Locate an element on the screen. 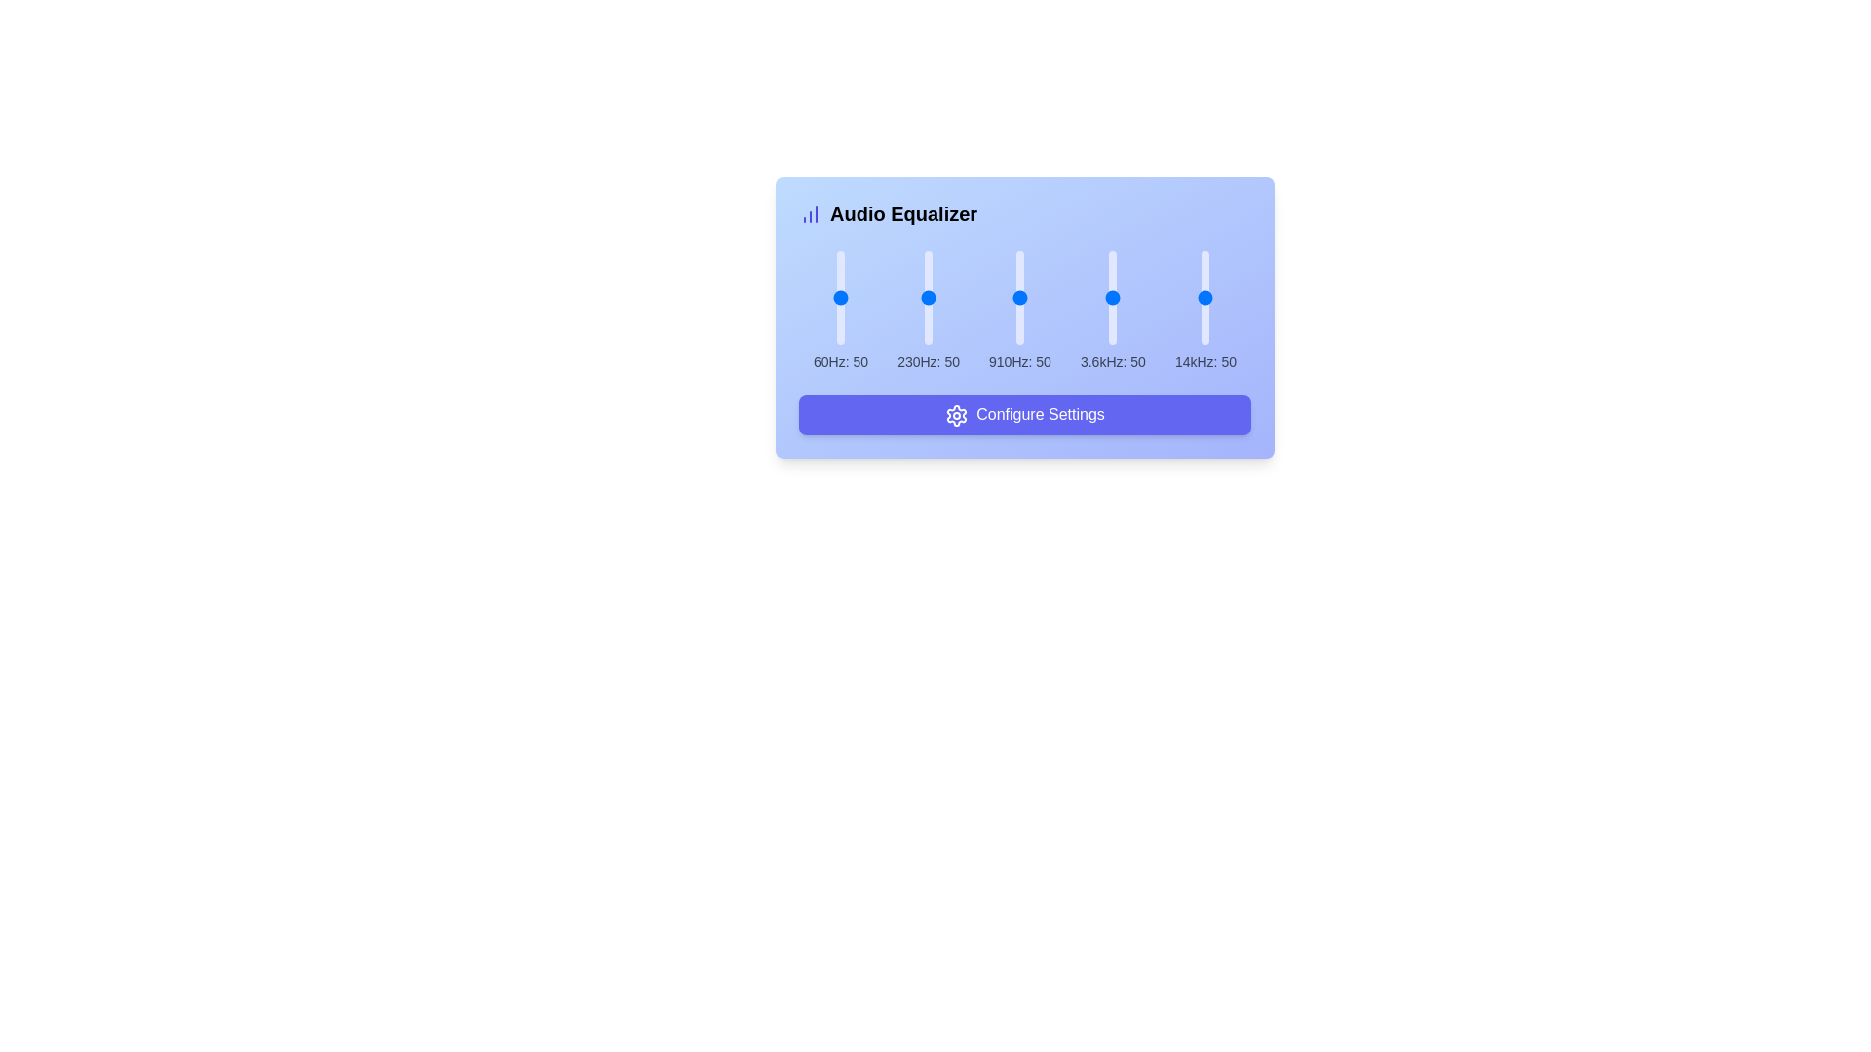 The image size is (1871, 1052). the 14kHz equalizer is located at coordinates (1204, 343).